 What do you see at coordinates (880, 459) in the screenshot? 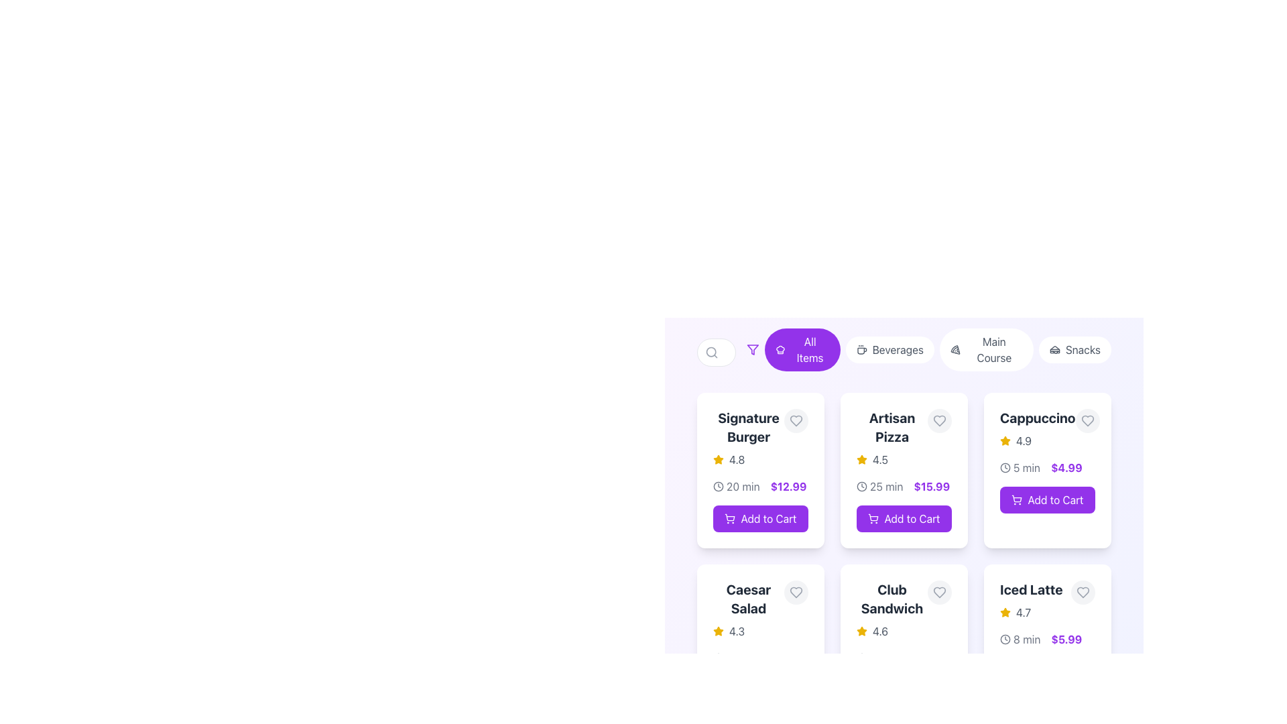
I see `the text label displaying the number '4.5' in gray color, located to the right of a yellow star icon within the 'Artisan Pizza' card` at bounding box center [880, 459].